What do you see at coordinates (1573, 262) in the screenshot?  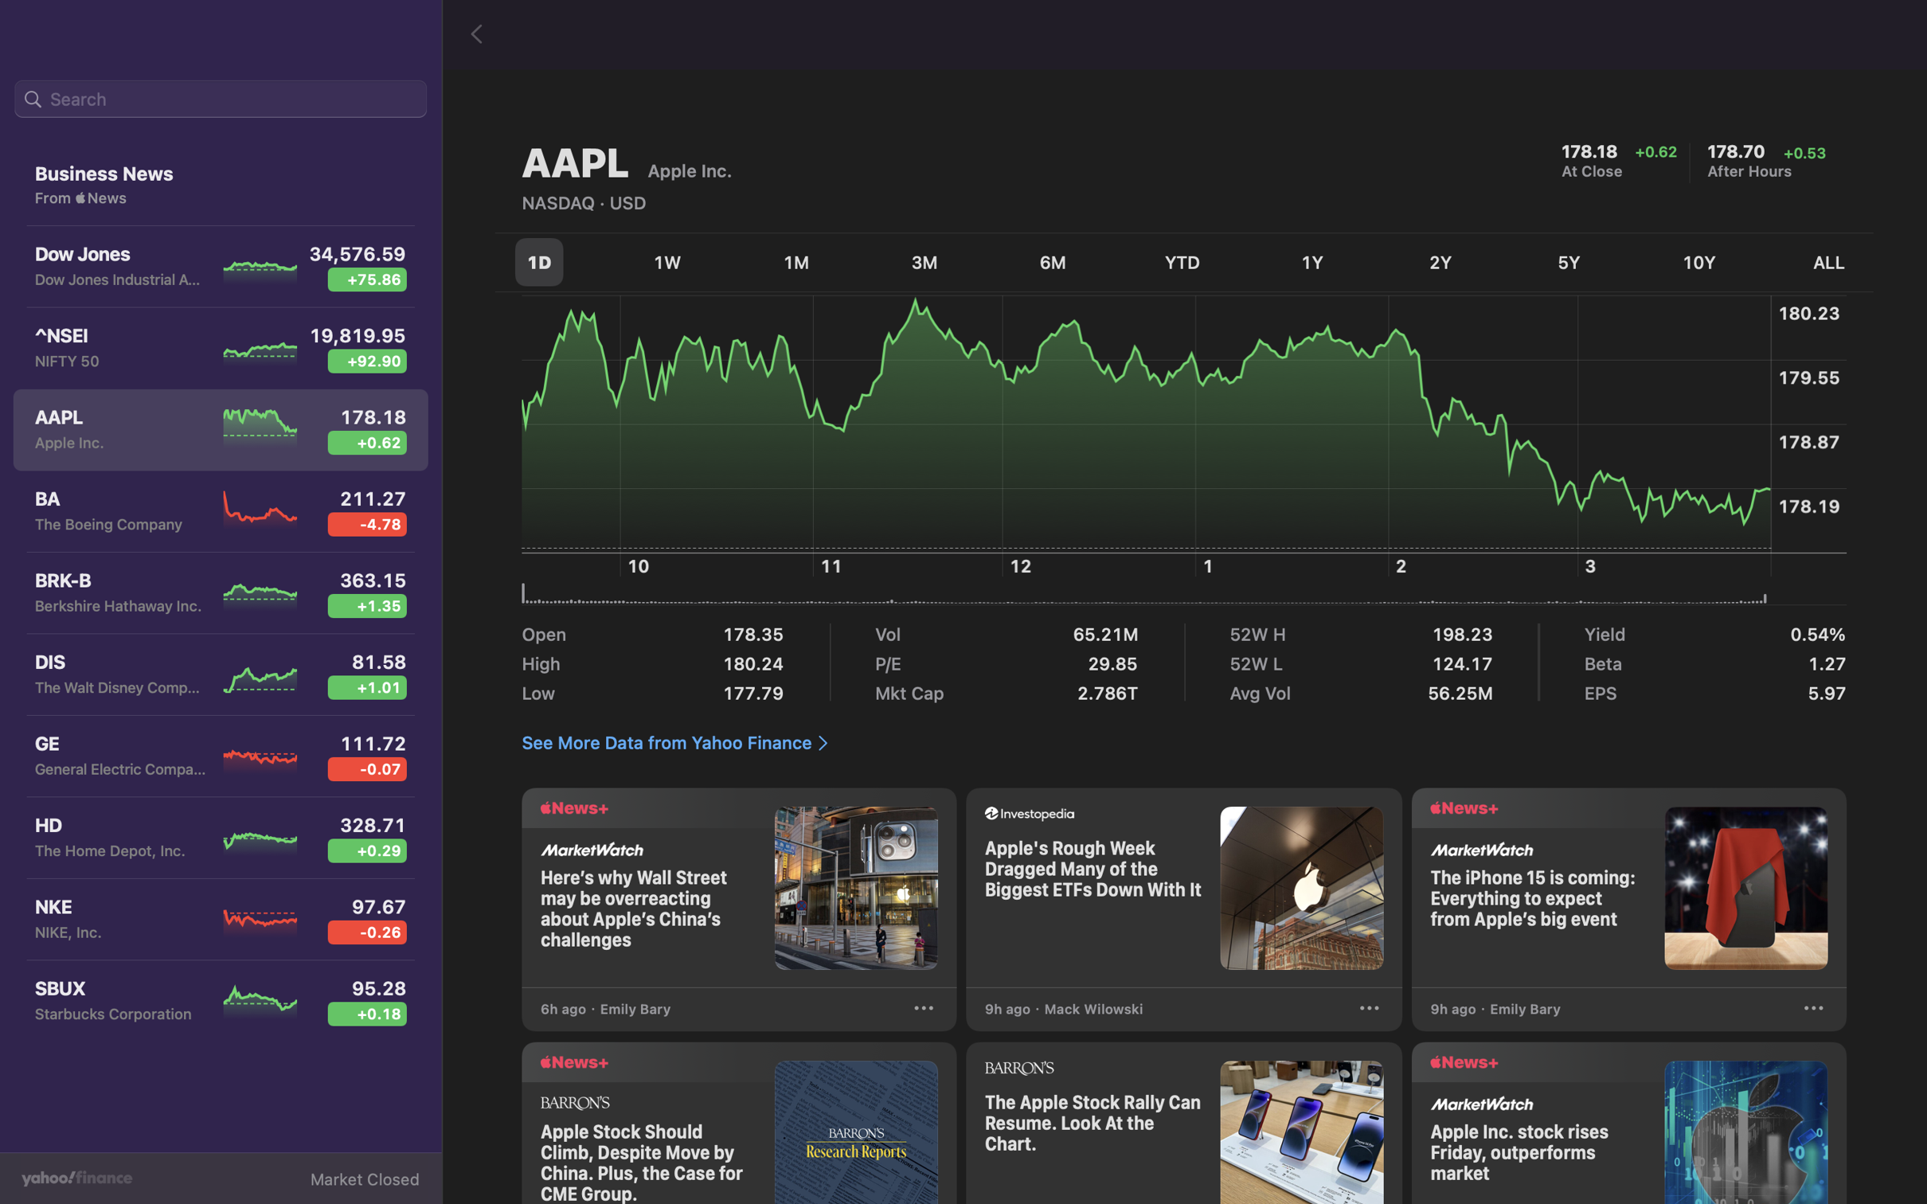 I see `Scrutinize the past 5 years stock variation` at bounding box center [1573, 262].